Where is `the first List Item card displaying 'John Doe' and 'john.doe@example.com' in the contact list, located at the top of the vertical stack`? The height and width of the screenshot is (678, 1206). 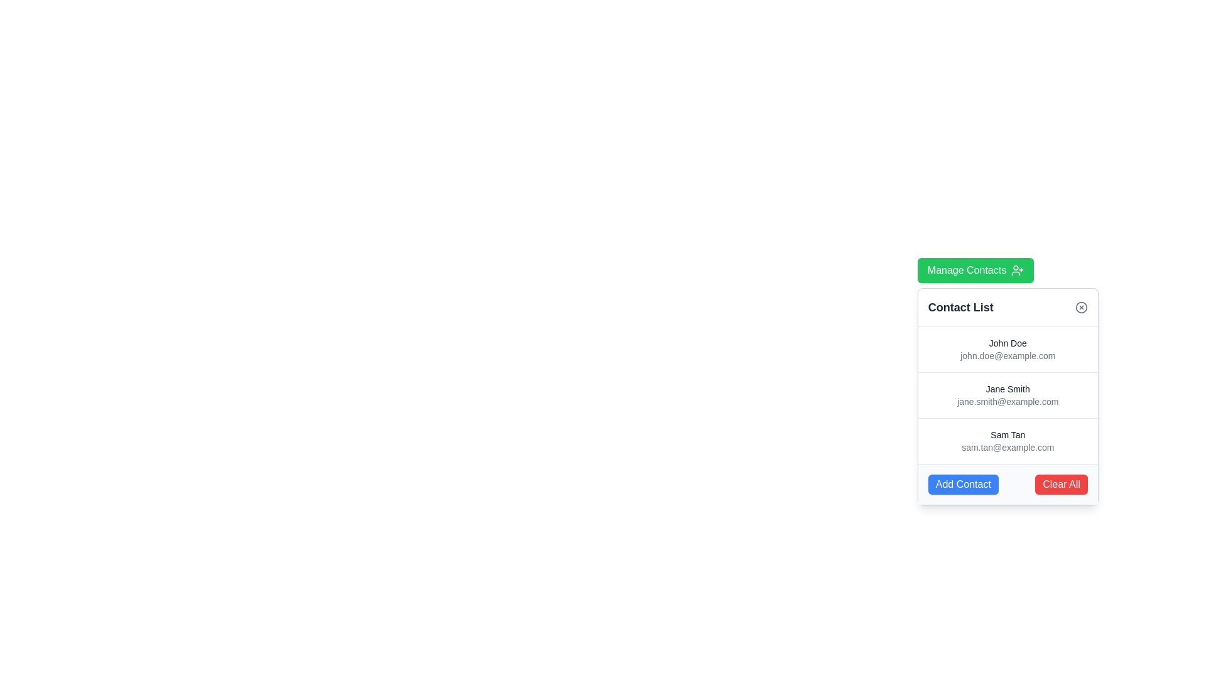 the first List Item card displaying 'John Doe' and 'john.doe@example.com' in the contact list, located at the top of the vertical stack is located at coordinates (1008, 349).